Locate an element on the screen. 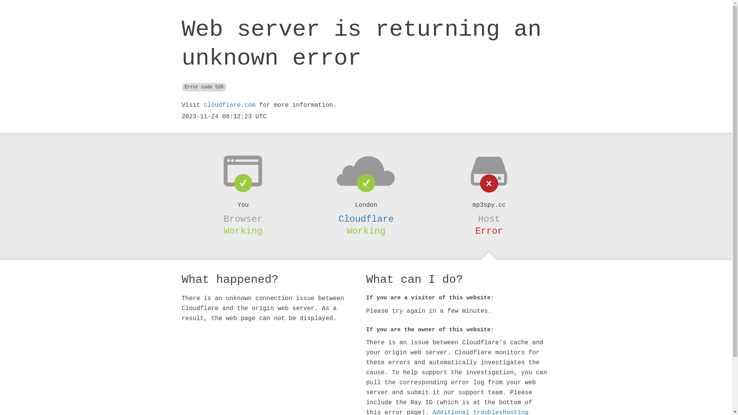 The width and height of the screenshot is (738, 415). 'cloudflare.com' is located at coordinates (229, 105).